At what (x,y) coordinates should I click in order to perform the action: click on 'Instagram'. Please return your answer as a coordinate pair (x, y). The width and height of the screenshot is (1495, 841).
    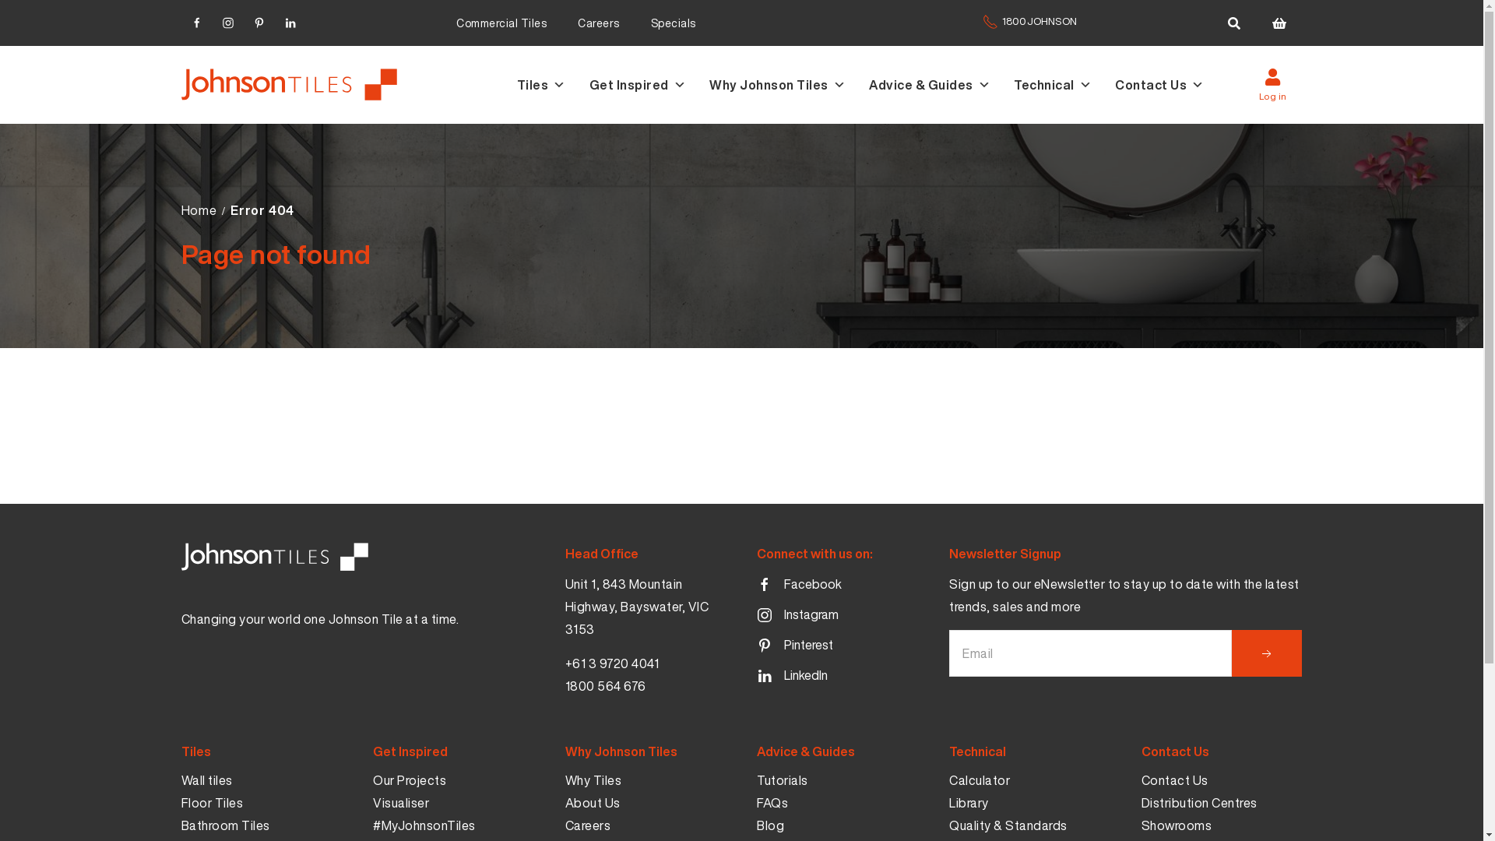
    Looking at the image, I should click on (211, 20).